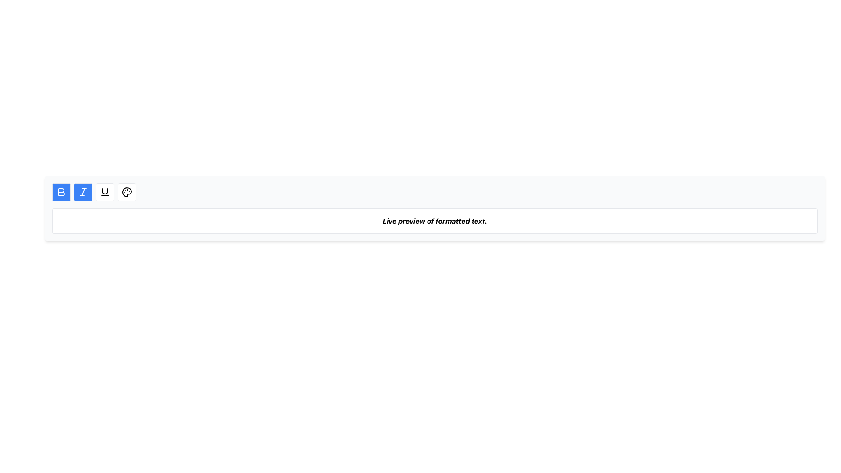 The height and width of the screenshot is (473, 841). Describe the element at coordinates (105, 192) in the screenshot. I see `the third button from the left in the toolbar, which has a white background, black border, and an underlined 'U' icon` at that location.